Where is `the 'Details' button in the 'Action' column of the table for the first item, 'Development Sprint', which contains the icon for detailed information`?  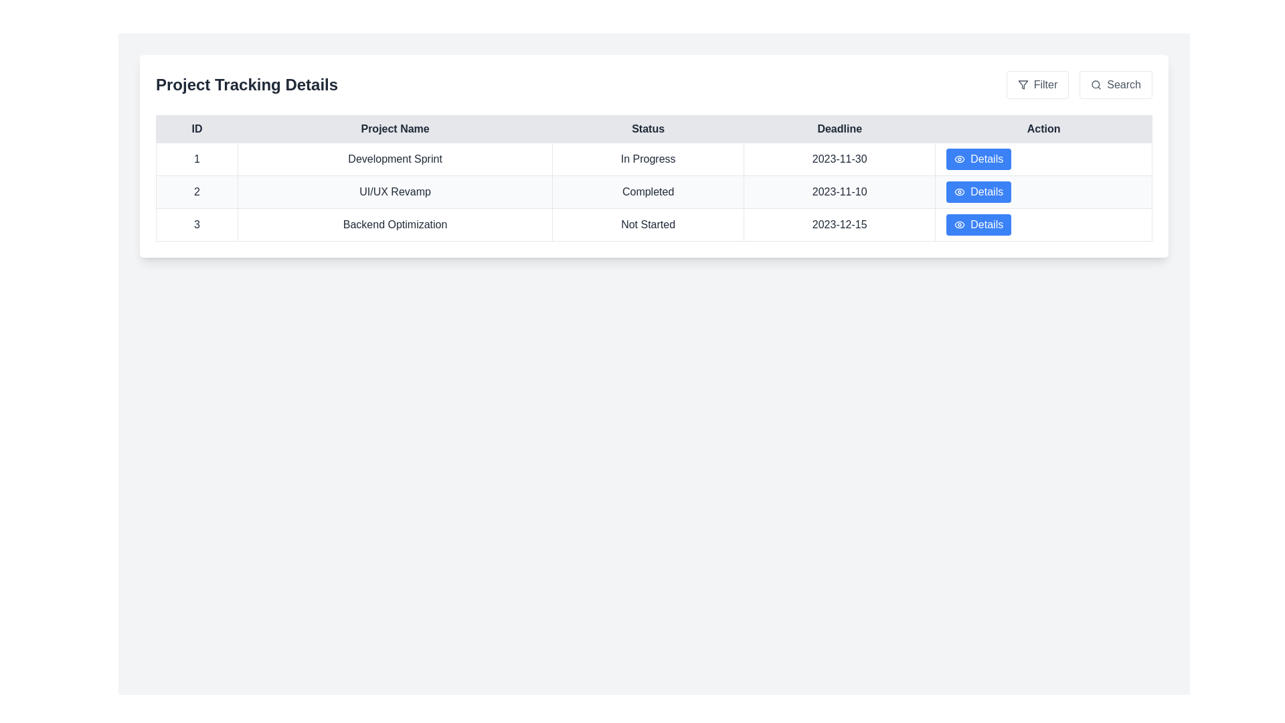 the 'Details' button in the 'Action' column of the table for the first item, 'Development Sprint', which contains the icon for detailed information is located at coordinates (959, 159).